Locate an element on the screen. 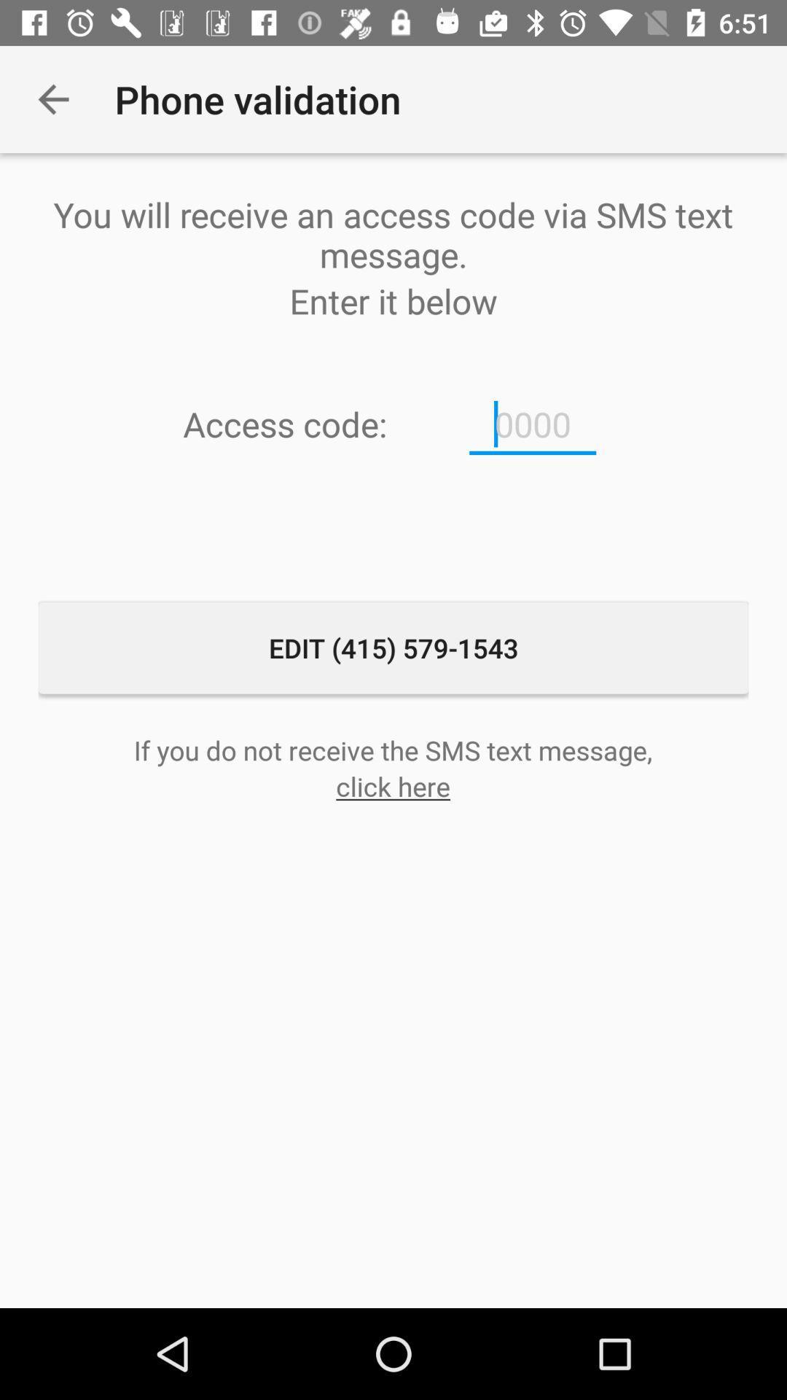  the edit 415 579 is located at coordinates (393, 647).